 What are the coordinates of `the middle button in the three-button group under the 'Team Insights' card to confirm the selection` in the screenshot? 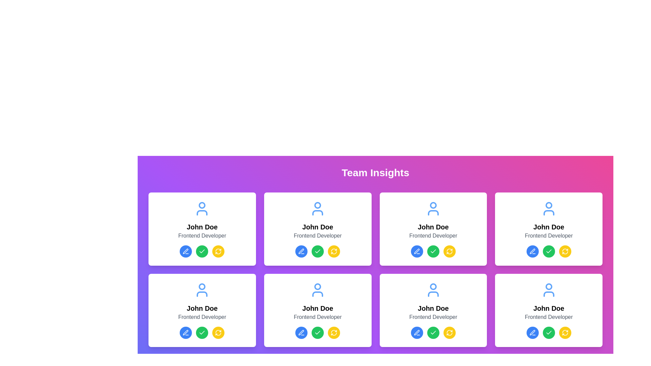 It's located at (202, 251).